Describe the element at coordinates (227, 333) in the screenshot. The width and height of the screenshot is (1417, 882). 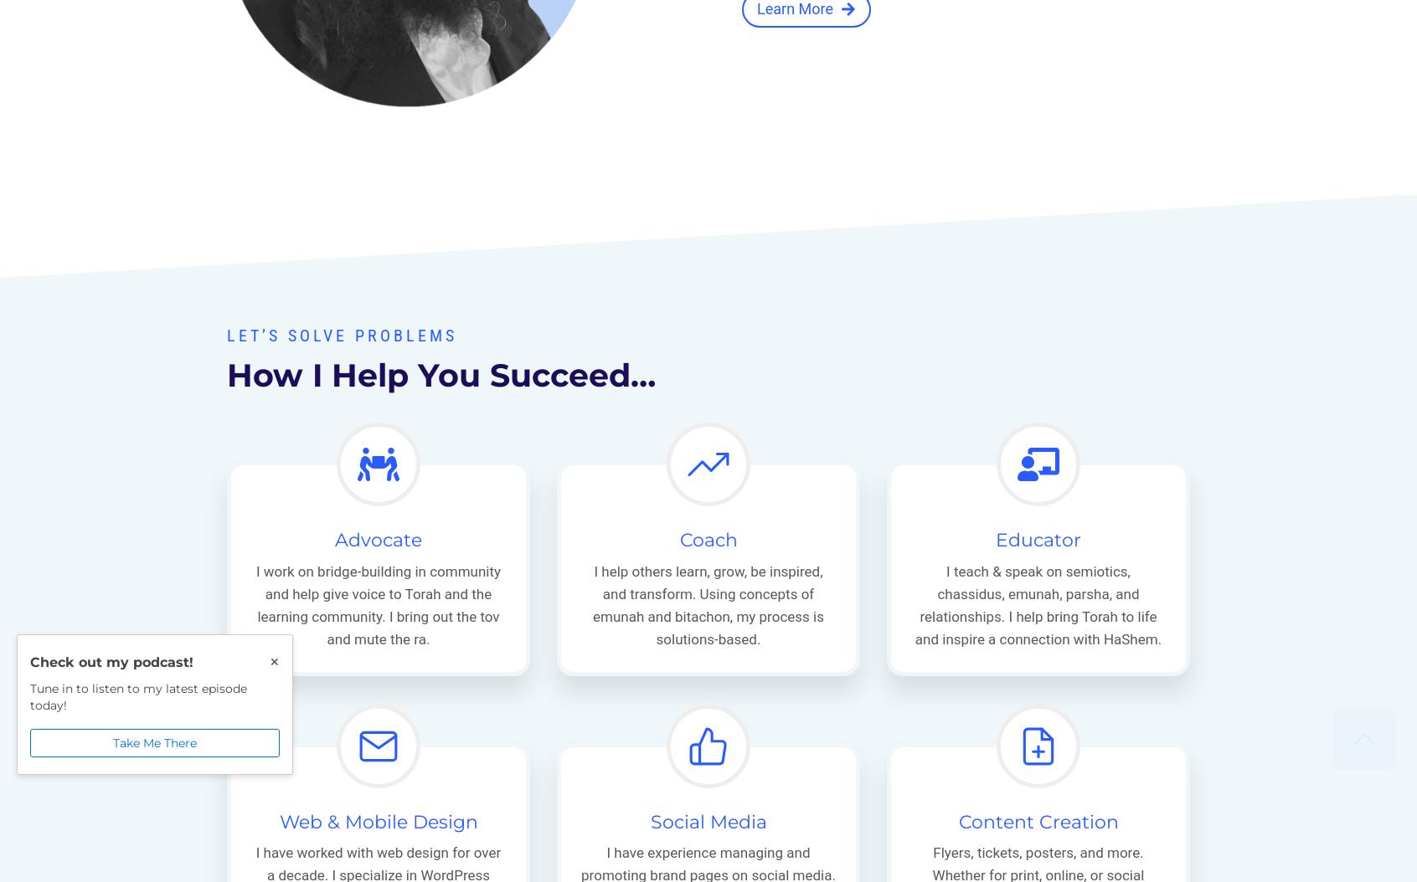
I see `'Let’s solve Problems'` at that location.